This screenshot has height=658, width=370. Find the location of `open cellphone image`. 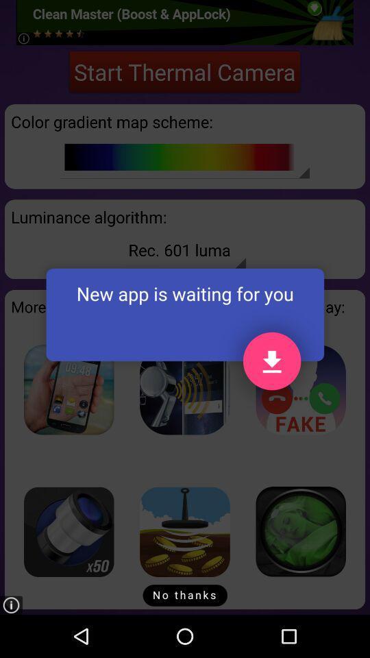

open cellphone image is located at coordinates (68, 389).